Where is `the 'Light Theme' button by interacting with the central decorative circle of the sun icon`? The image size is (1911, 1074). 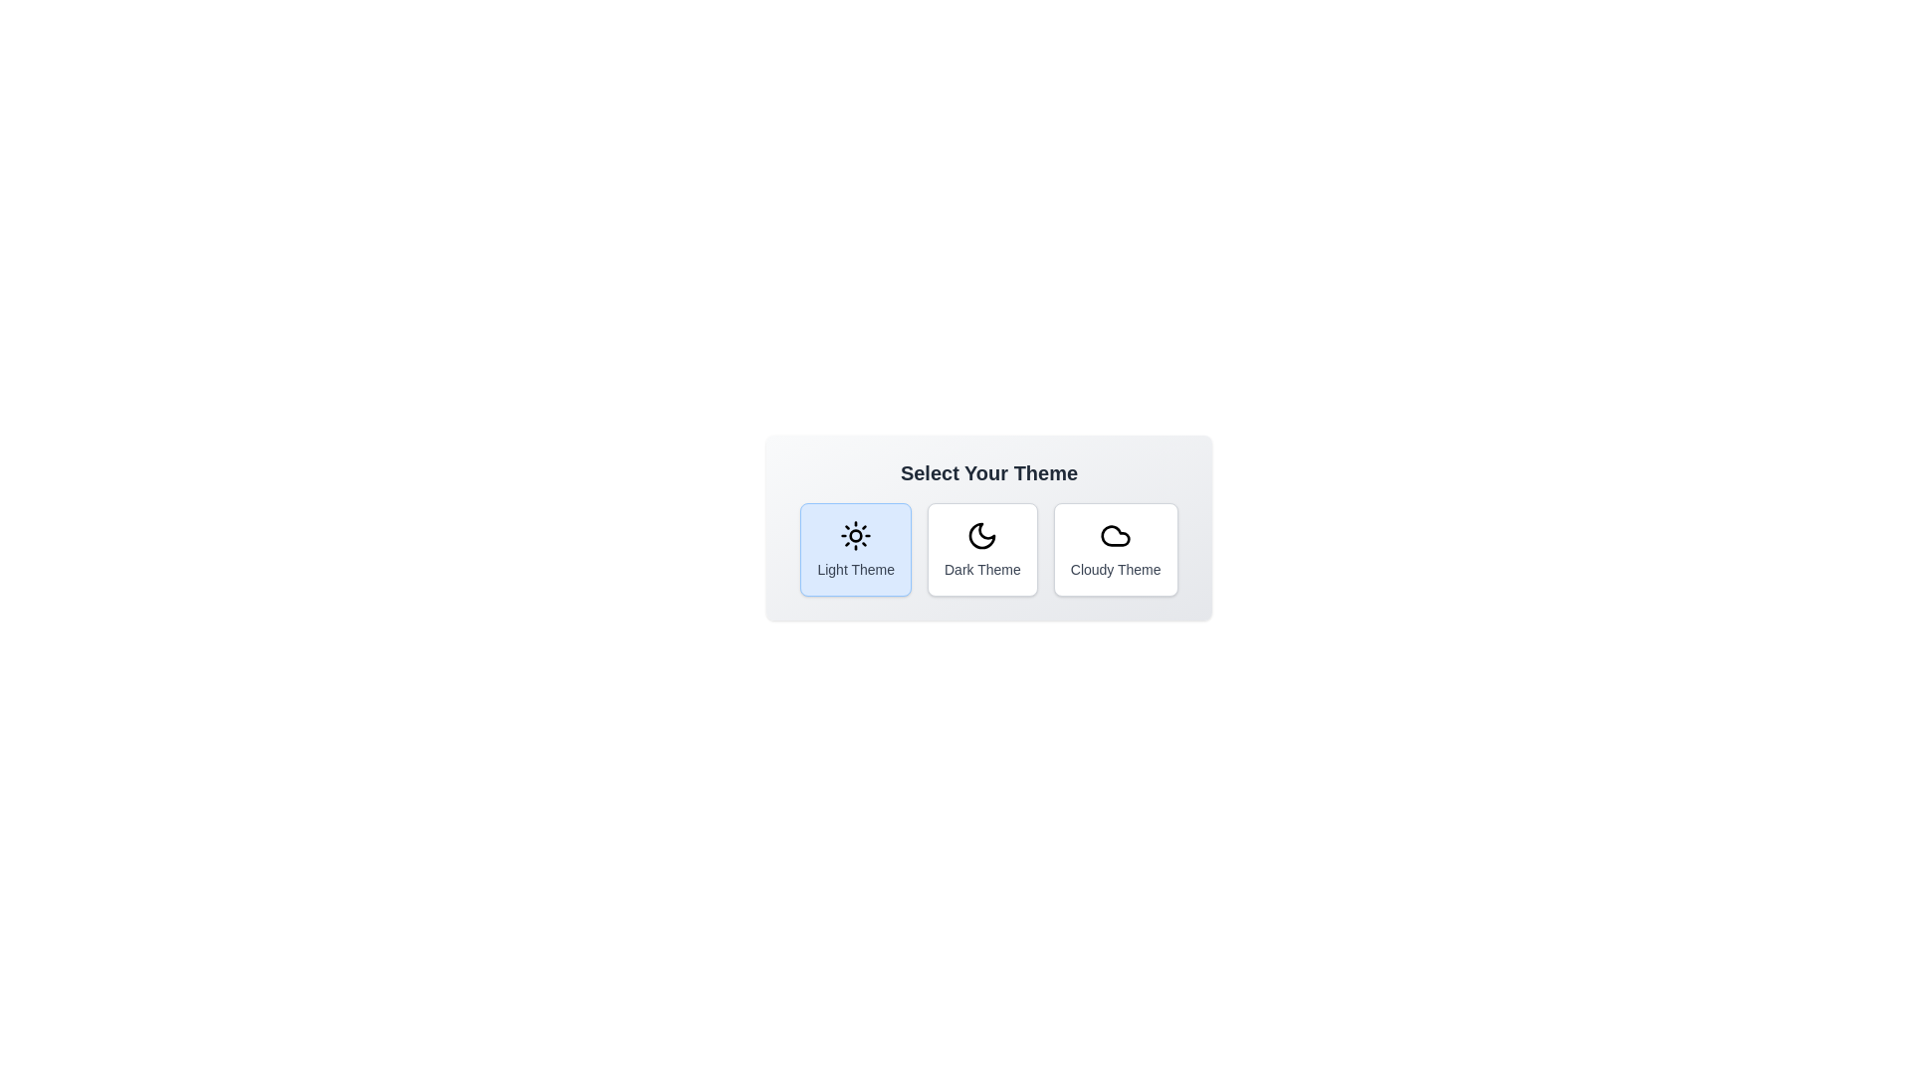
the 'Light Theme' button by interacting with the central decorative circle of the sun icon is located at coordinates (856, 535).